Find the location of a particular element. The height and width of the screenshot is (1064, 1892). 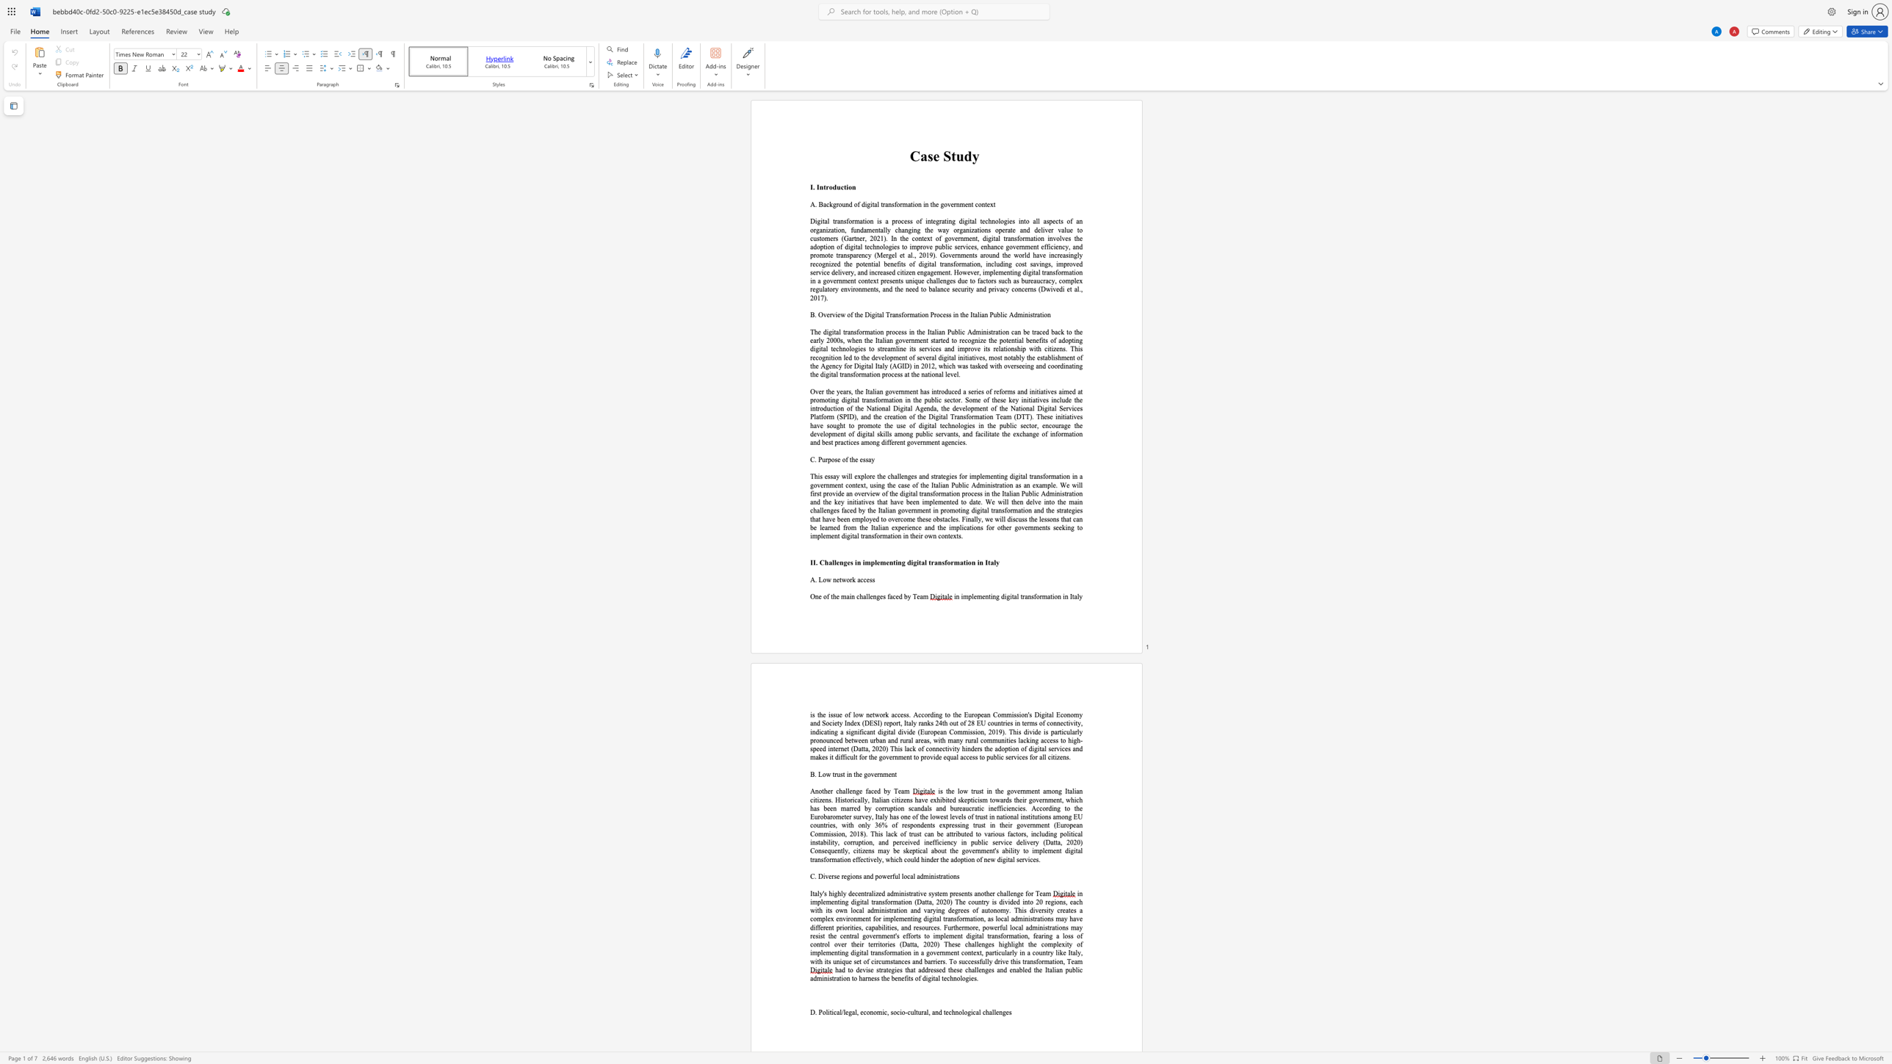

the subset text "gove" within the text "A. Background of digital transformation in the government context" is located at coordinates (939, 204).